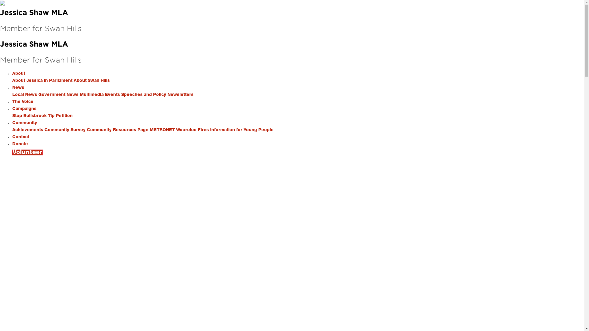 This screenshot has height=331, width=589. Describe the element at coordinates (180, 94) in the screenshot. I see `'Newsletters'` at that location.